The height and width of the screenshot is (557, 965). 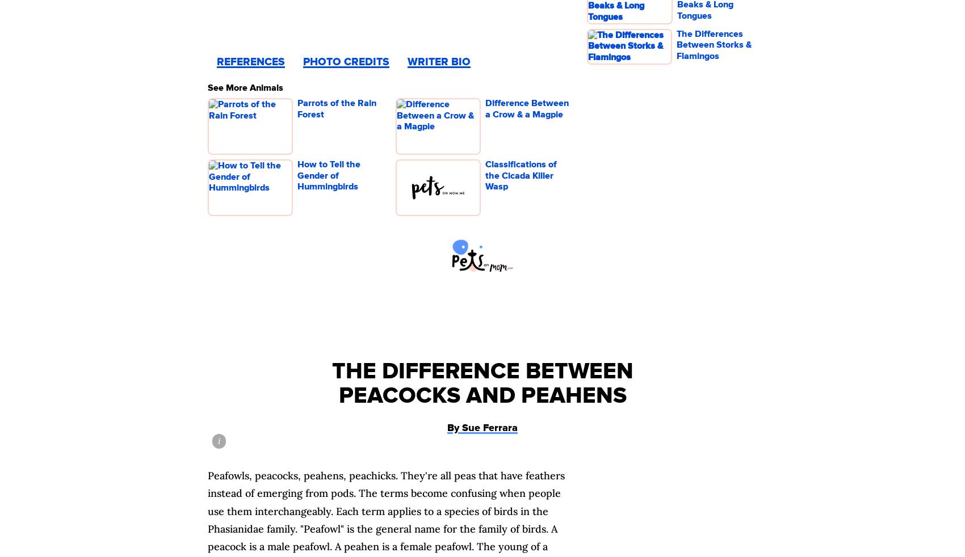 What do you see at coordinates (676, 44) in the screenshot?
I see `'The Differences Between Storks & Flamingos'` at bounding box center [676, 44].